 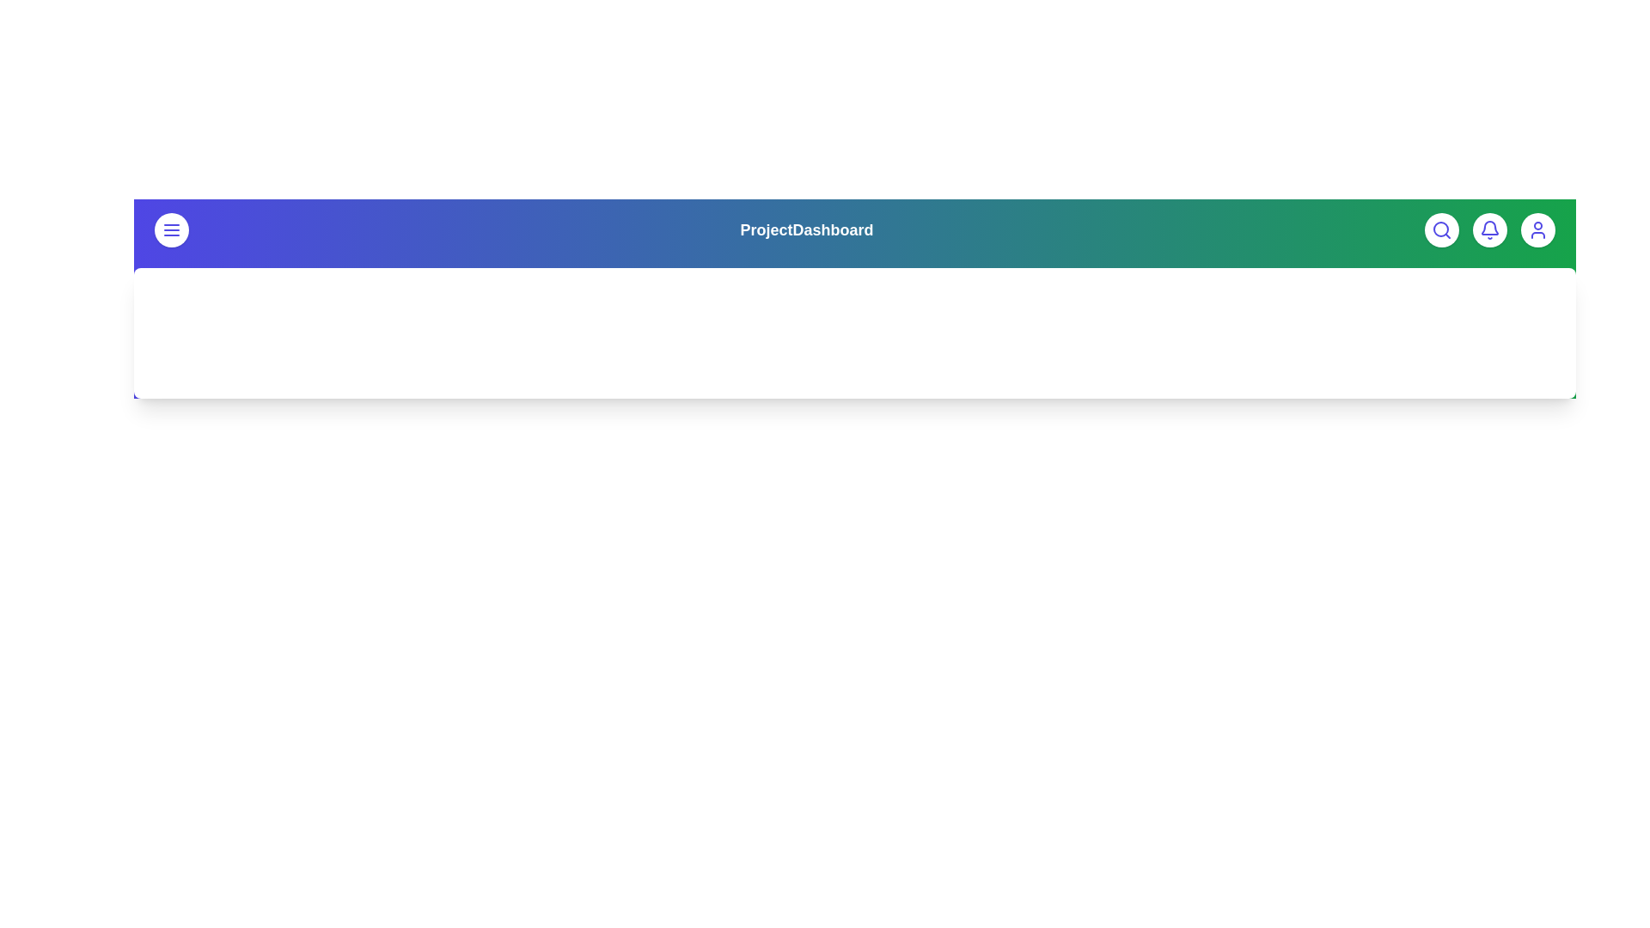 What do you see at coordinates (1538, 229) in the screenshot?
I see `the user icon to access profile options` at bounding box center [1538, 229].